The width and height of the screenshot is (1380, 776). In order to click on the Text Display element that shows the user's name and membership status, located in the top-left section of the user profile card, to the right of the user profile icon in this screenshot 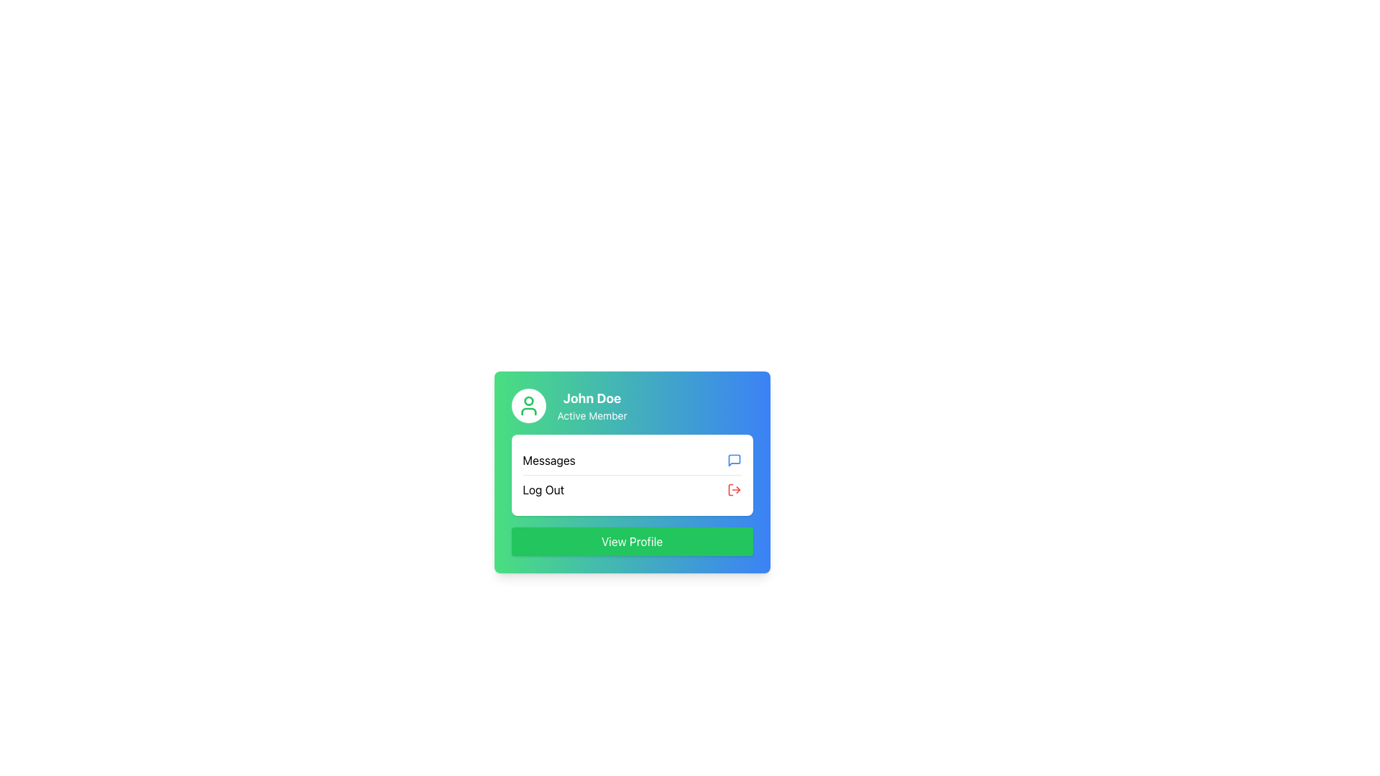, I will do `click(592, 405)`.